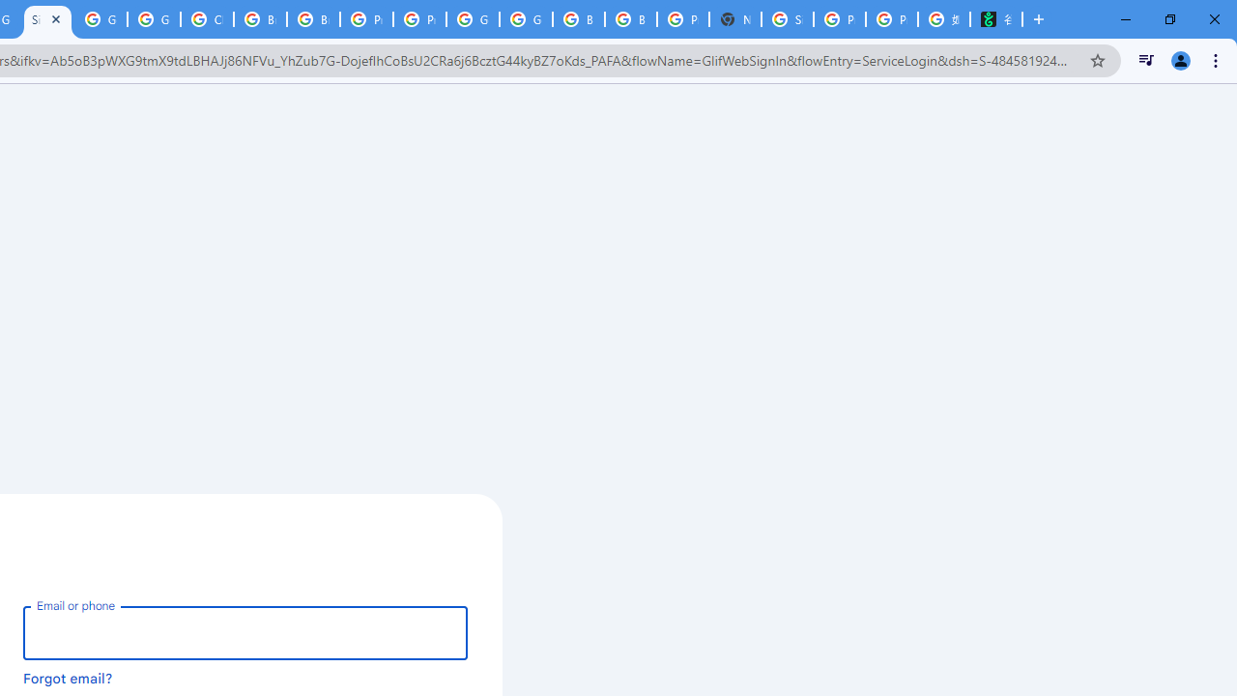 The image size is (1237, 696). I want to click on 'Google Cloud Platform', so click(473, 19).